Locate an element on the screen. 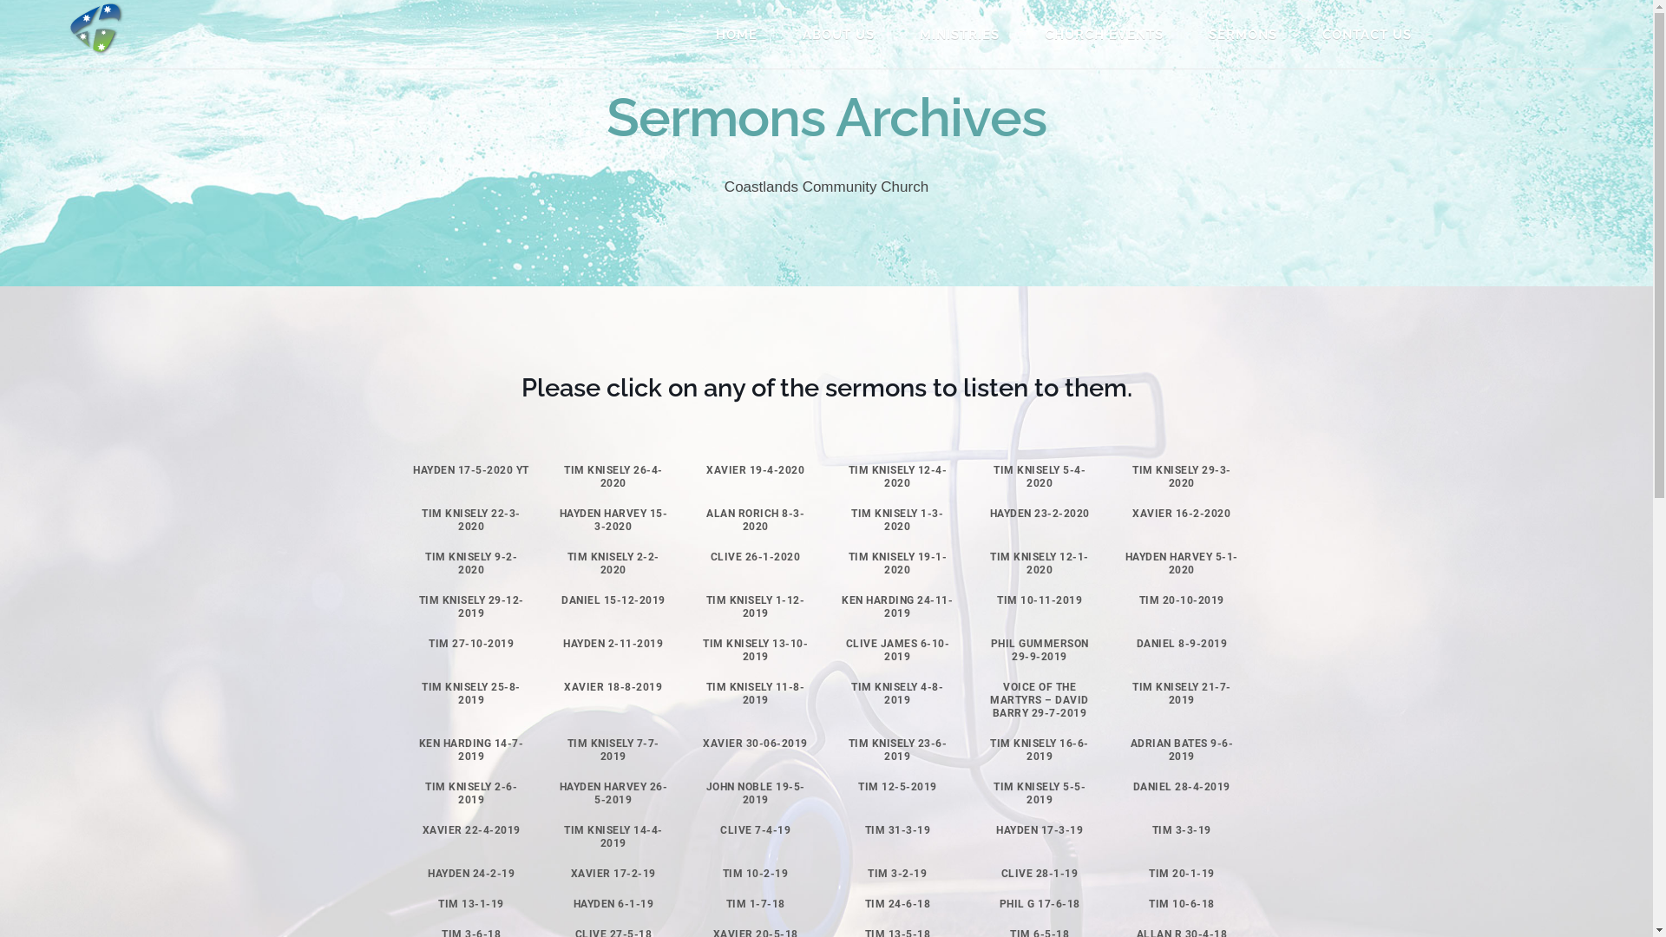  'TIM 27-10-2019' is located at coordinates (470, 643).